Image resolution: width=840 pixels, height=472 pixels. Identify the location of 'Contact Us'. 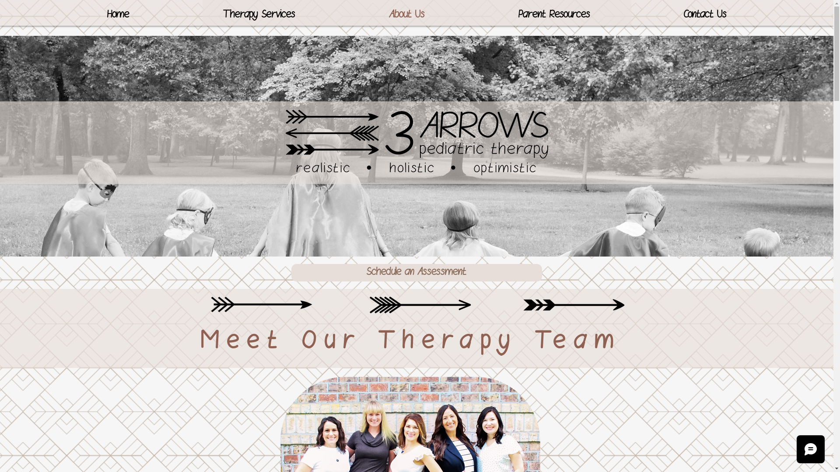
(705, 15).